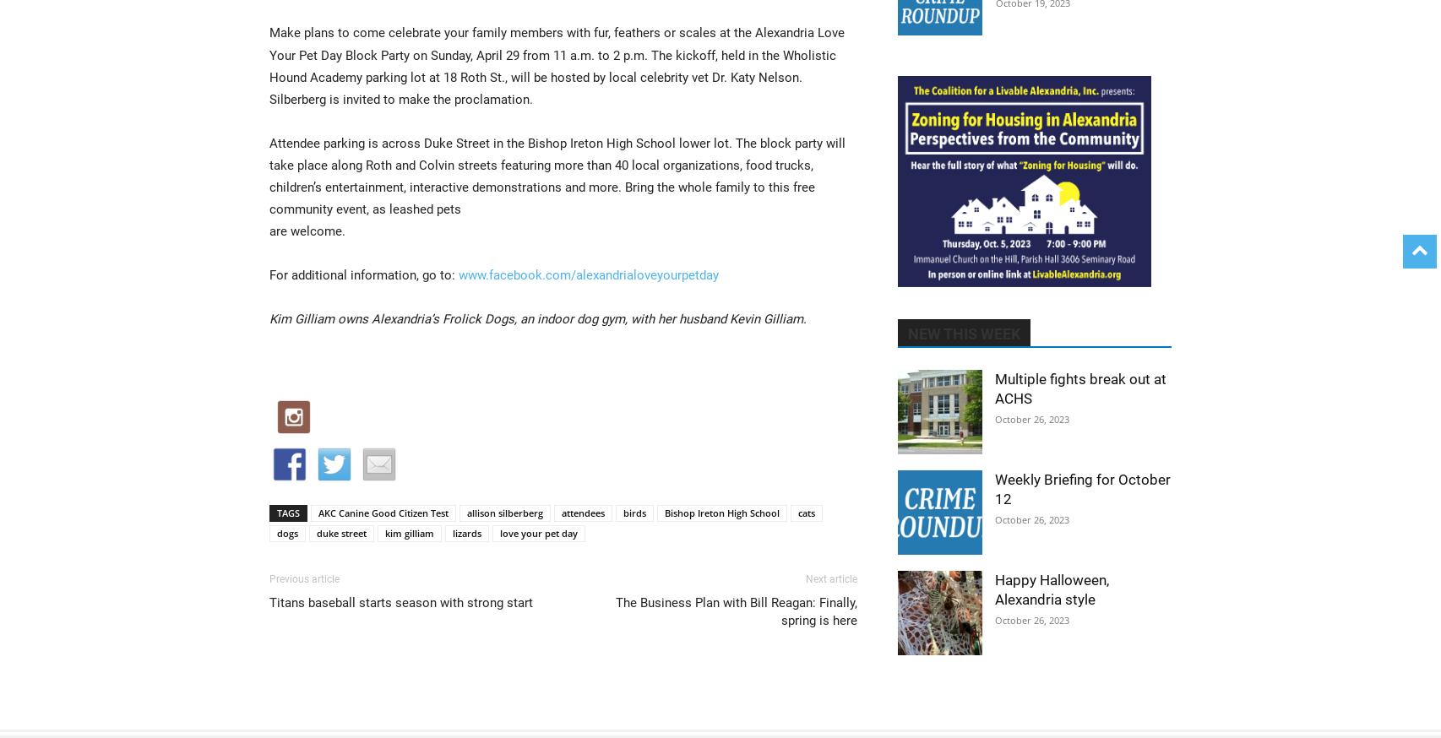 The height and width of the screenshot is (738, 1441). What do you see at coordinates (964, 334) in the screenshot?
I see `'NEW THIS WEEK'` at bounding box center [964, 334].